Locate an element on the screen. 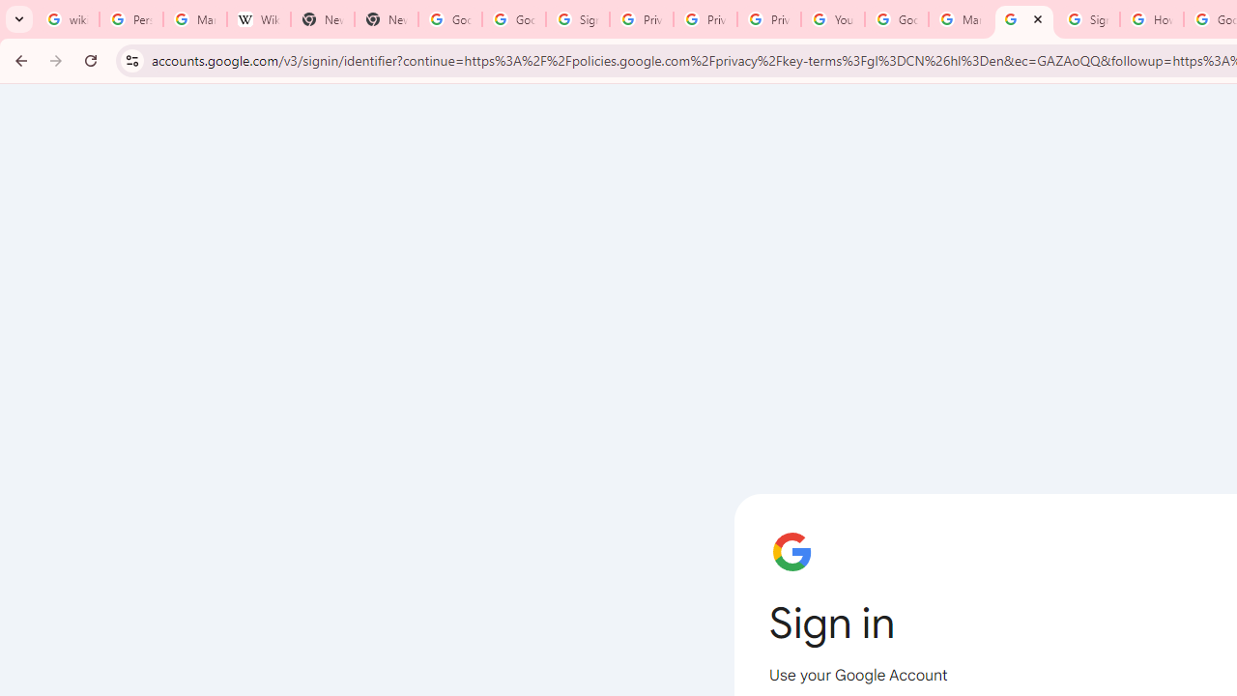 This screenshot has height=696, width=1237. 'View site information' is located at coordinates (130, 59).